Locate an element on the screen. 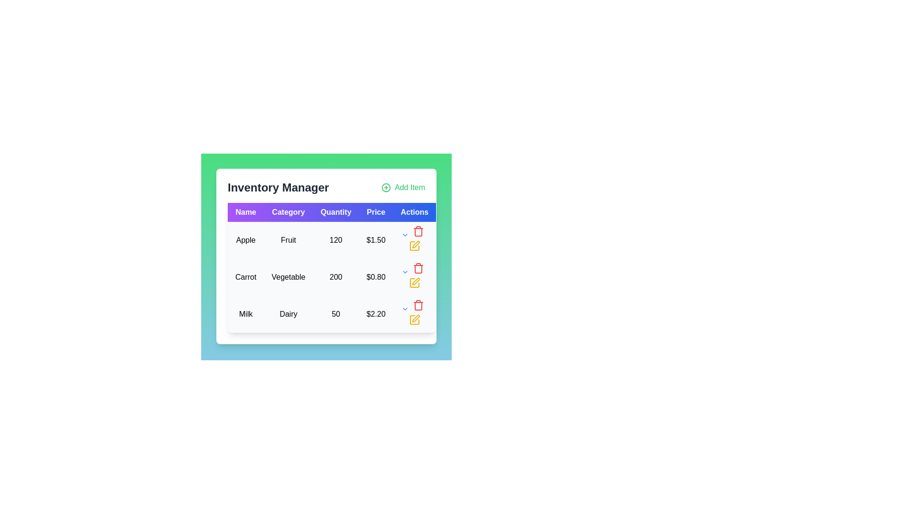  the yellow pencil icon located in the 'Actions' column of the first row in the table is located at coordinates (414, 239).